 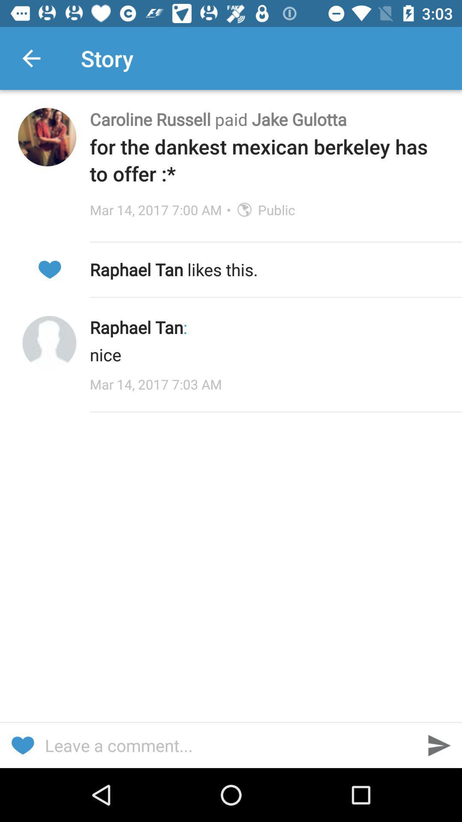 What do you see at coordinates (47, 137) in the screenshot?
I see `the avatar icon` at bounding box center [47, 137].